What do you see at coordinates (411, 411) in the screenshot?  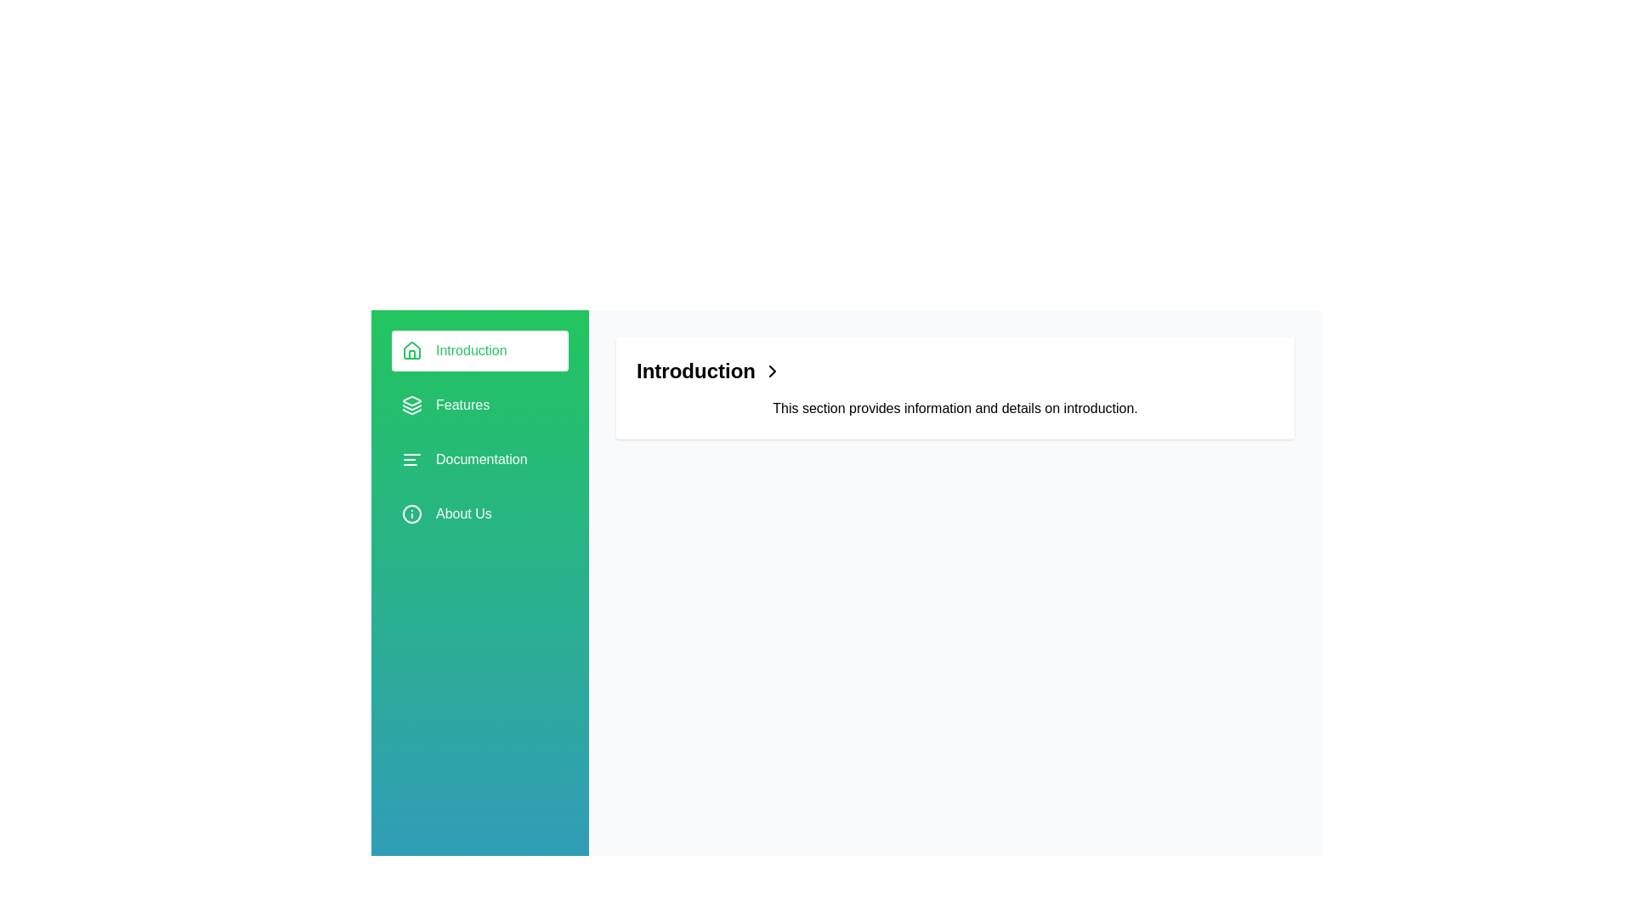 I see `the Decorative SVG Element located within the 'Features' sidebar, which is the bottom layer of three horizontal objects` at bounding box center [411, 411].